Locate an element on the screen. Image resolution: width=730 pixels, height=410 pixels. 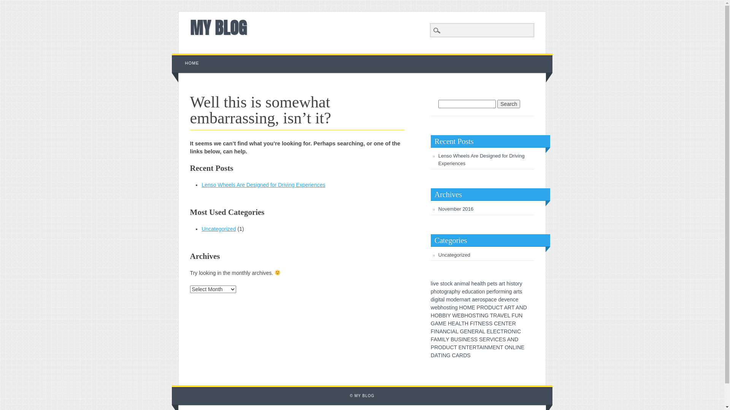
'b' is located at coordinates (439, 307).